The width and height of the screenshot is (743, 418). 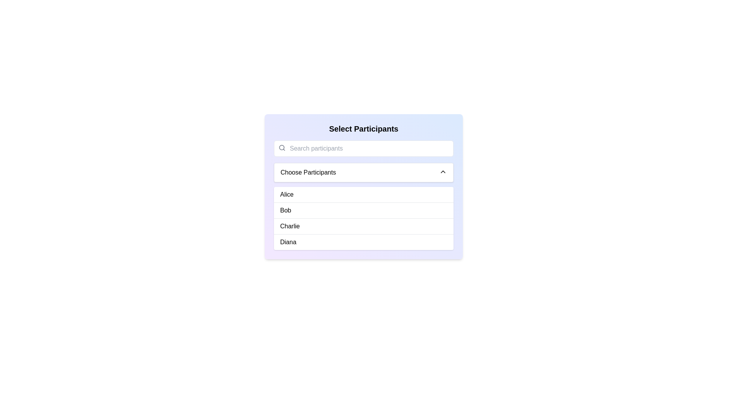 I want to click on the text label displaying the name 'Diana', which is the fourth entry in the list under 'Choose Participants', so click(x=288, y=242).